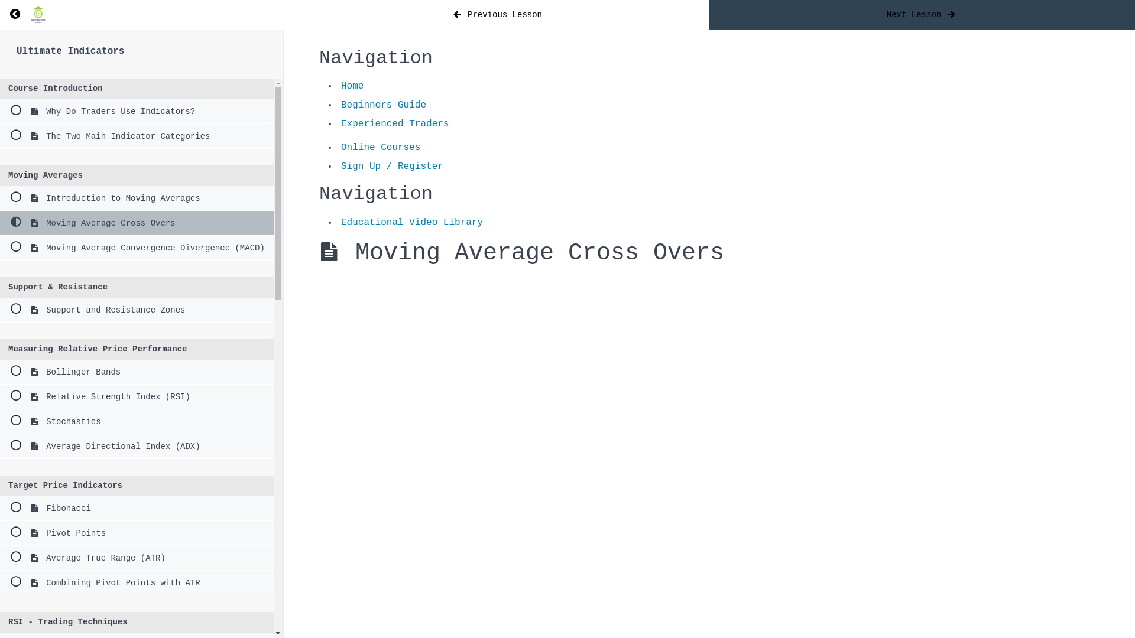  What do you see at coordinates (0, 396) in the screenshot?
I see `'Relative Strength Index (RSI)'` at bounding box center [0, 396].